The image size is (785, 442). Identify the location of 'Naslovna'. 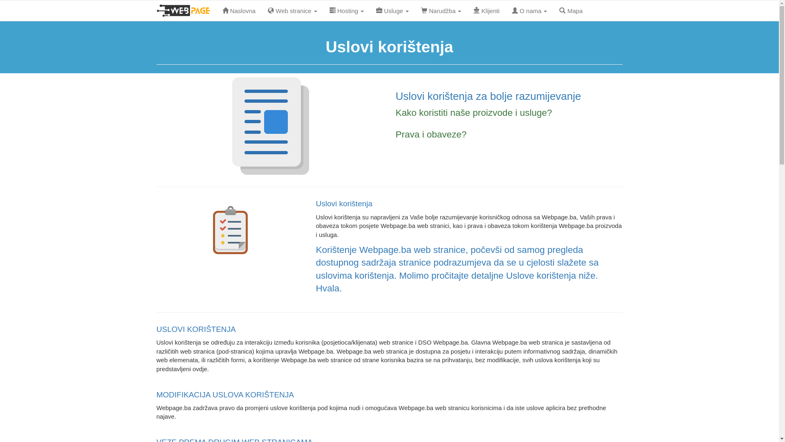
(238, 11).